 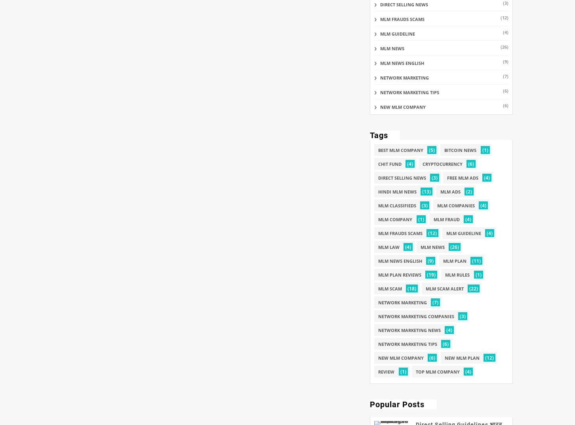 What do you see at coordinates (394, 219) in the screenshot?
I see `'mlm company'` at bounding box center [394, 219].